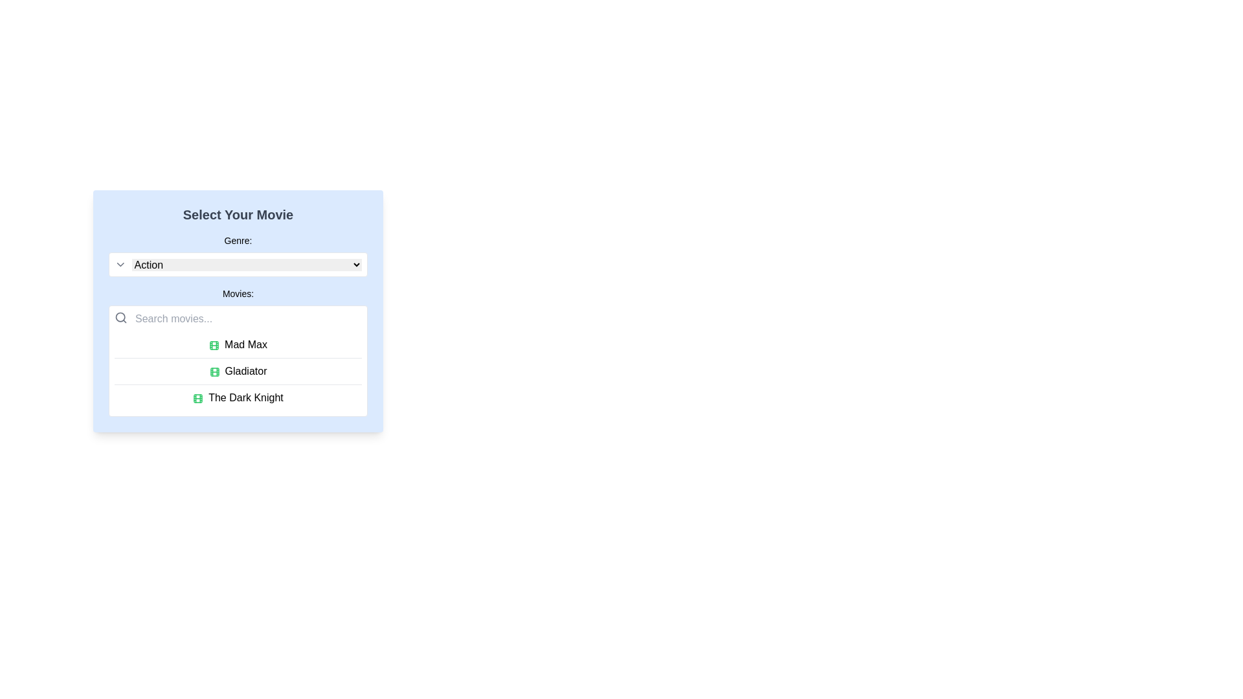  Describe the element at coordinates (197, 397) in the screenshot. I see `on the movie icon for 'The Dark Knight', which is located in the last row of the movie list` at that location.